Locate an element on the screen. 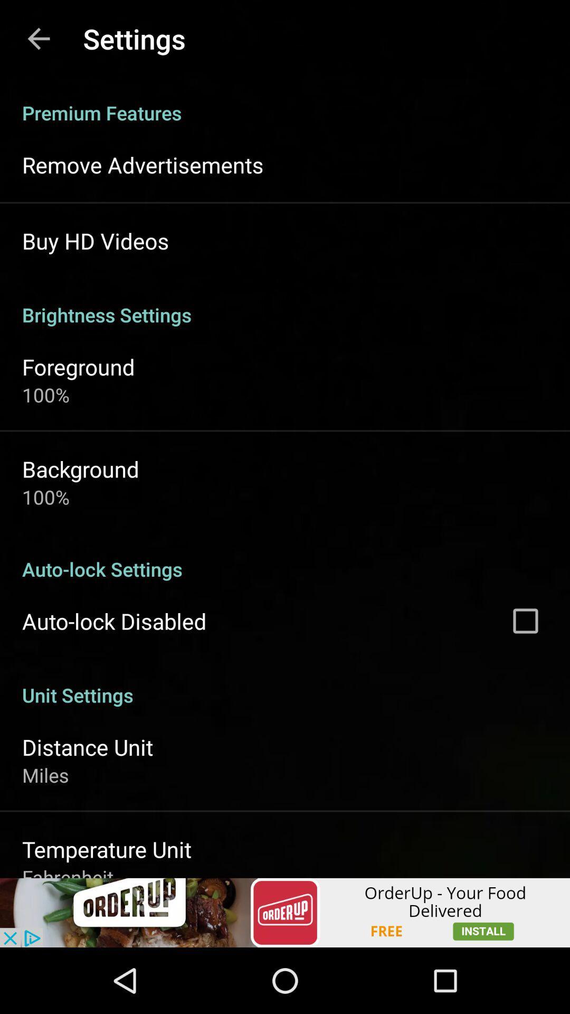  advertisement is located at coordinates (285, 912).